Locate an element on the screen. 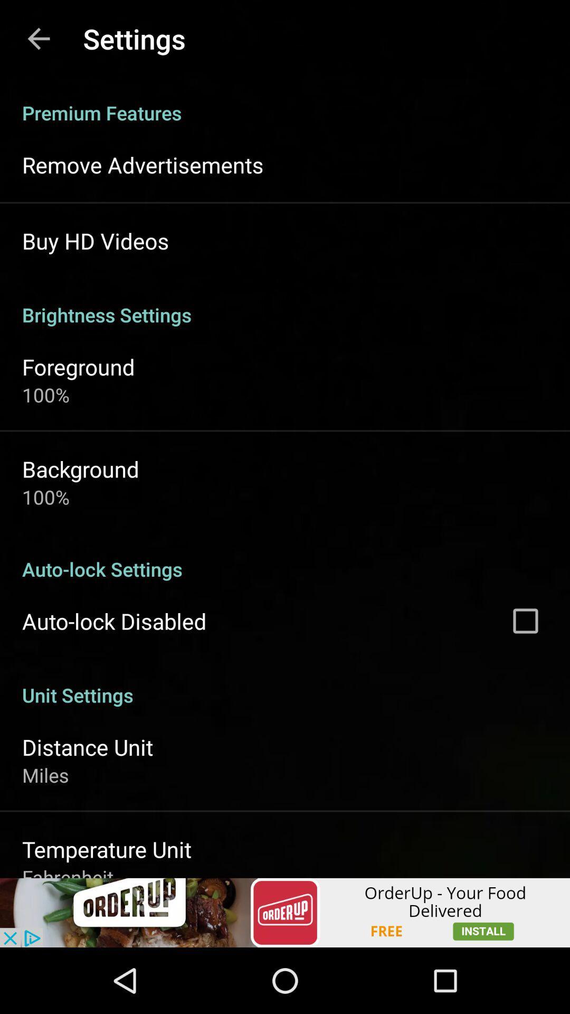  advertisement is located at coordinates (285, 912).